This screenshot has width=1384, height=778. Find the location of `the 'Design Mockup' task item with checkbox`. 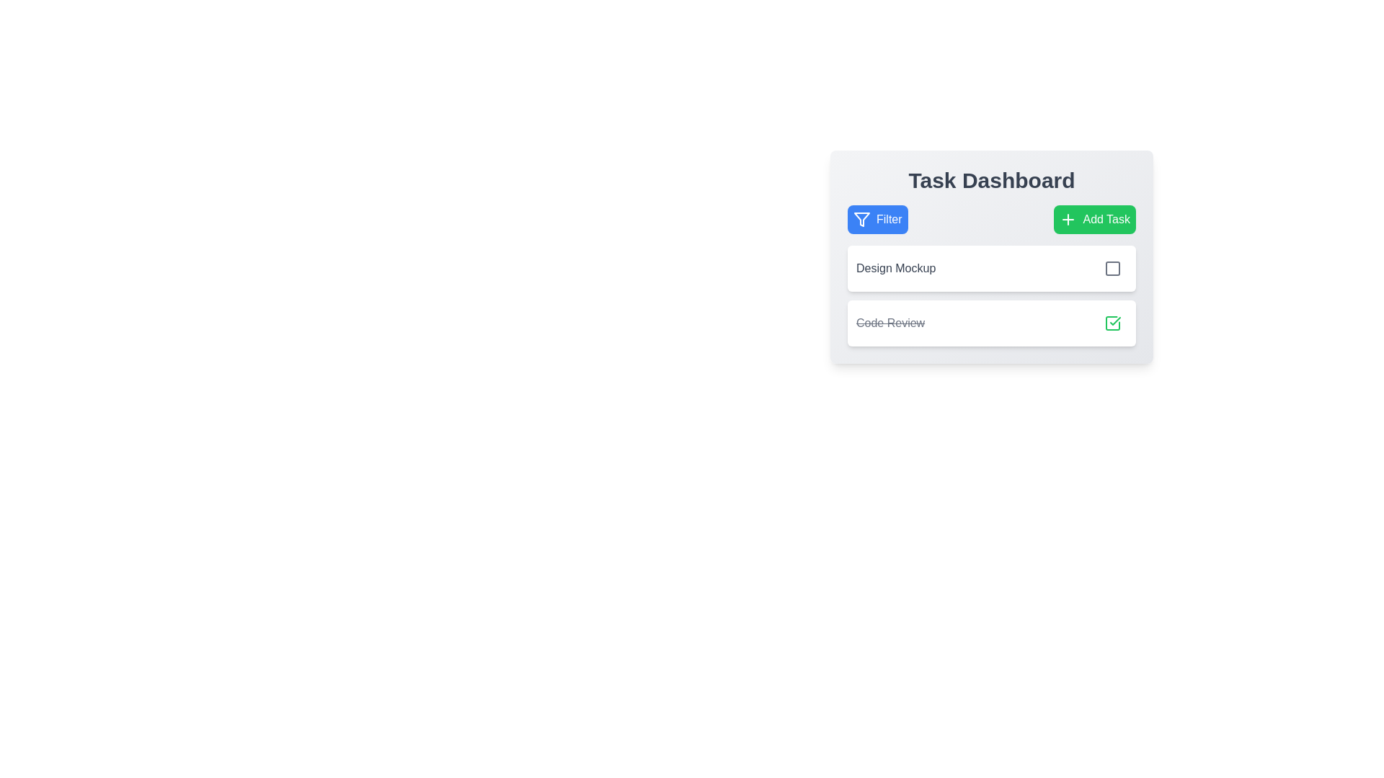

the 'Design Mockup' task item with checkbox is located at coordinates (991, 269).